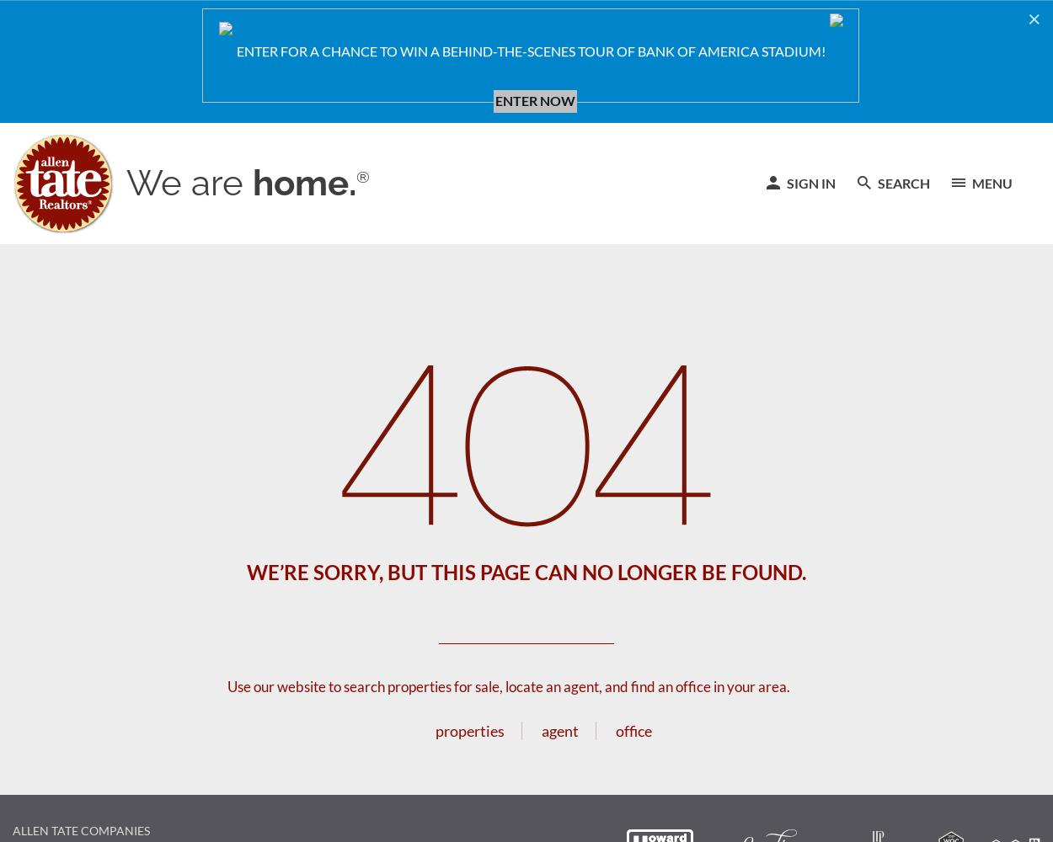  What do you see at coordinates (784, 181) in the screenshot?
I see `'Sign In'` at bounding box center [784, 181].